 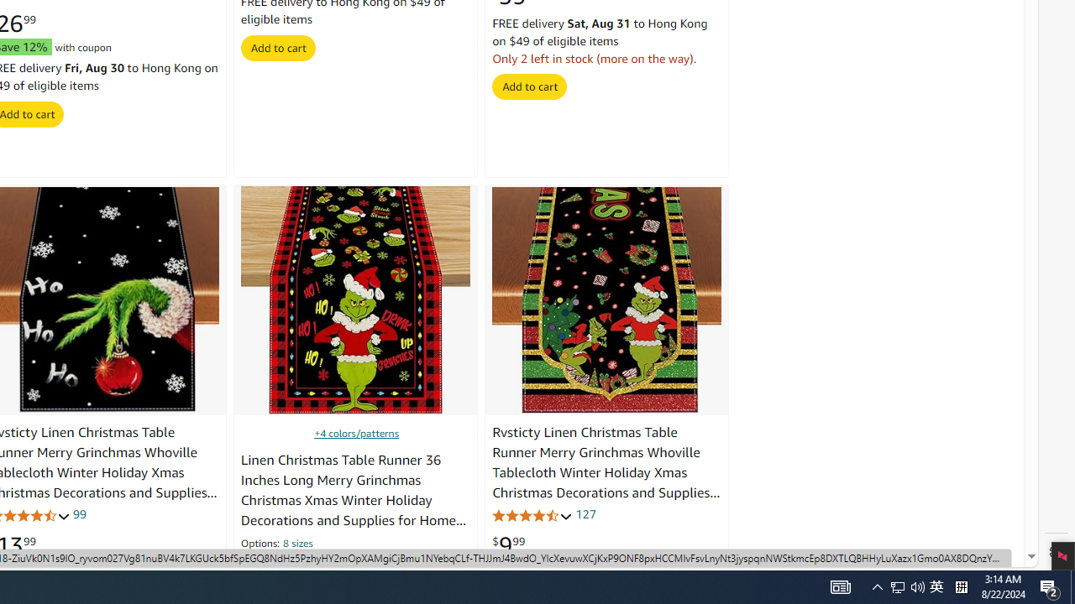 What do you see at coordinates (298, 544) in the screenshot?
I see `'8 sizes'` at bounding box center [298, 544].